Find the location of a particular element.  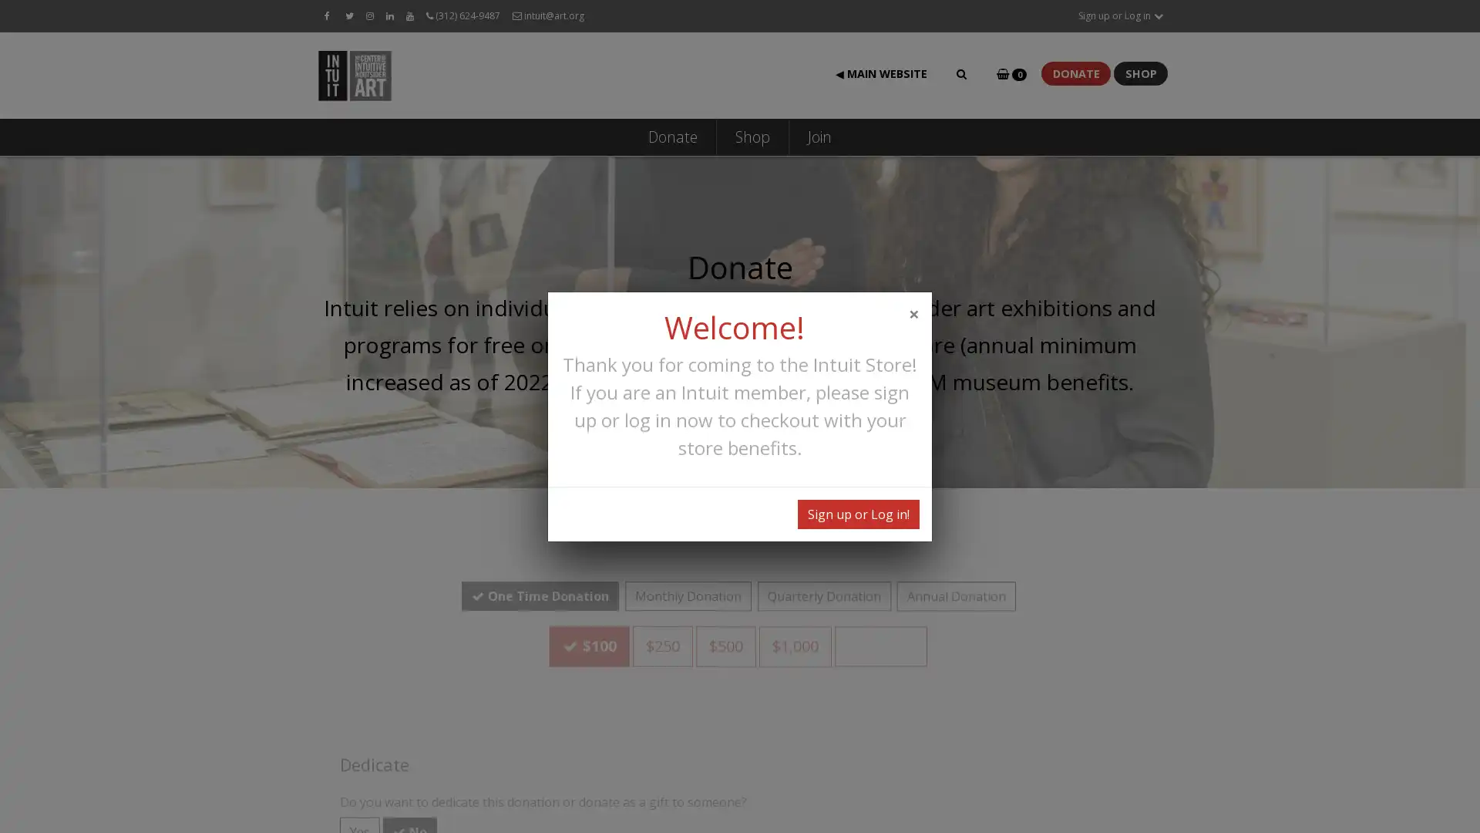

Close is located at coordinates (913, 312).